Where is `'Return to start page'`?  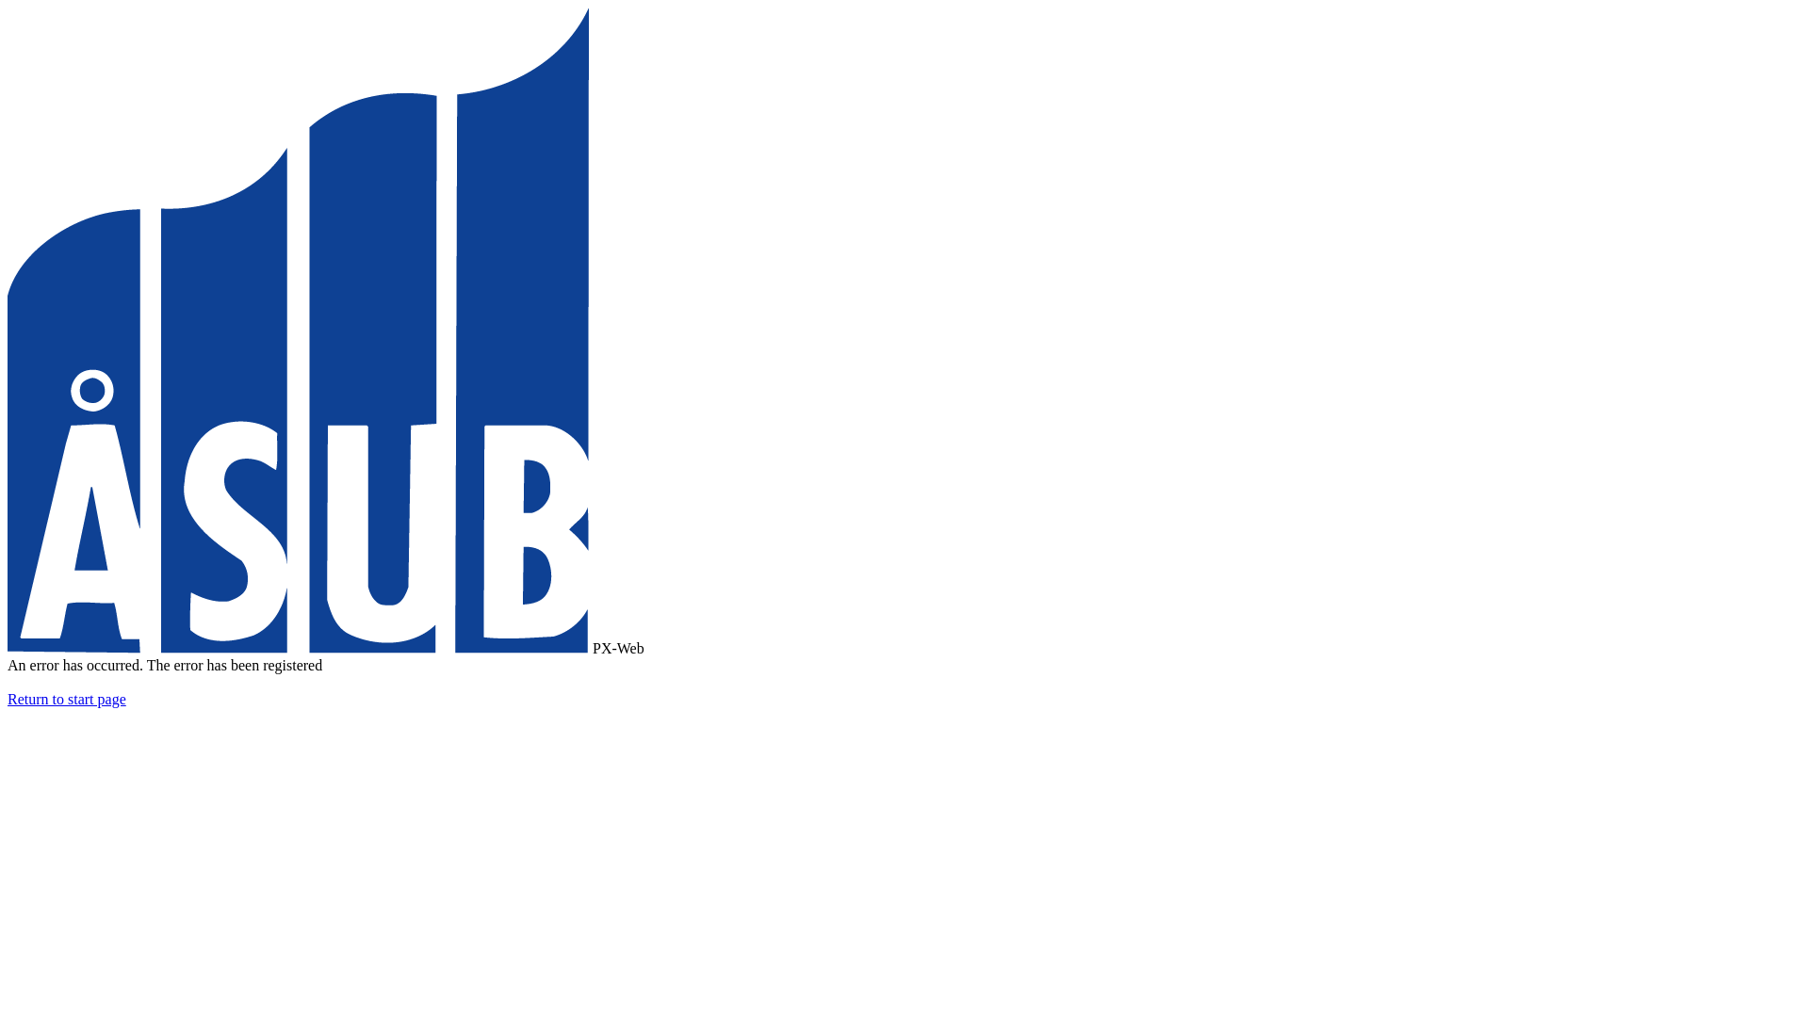 'Return to start page' is located at coordinates (67, 699).